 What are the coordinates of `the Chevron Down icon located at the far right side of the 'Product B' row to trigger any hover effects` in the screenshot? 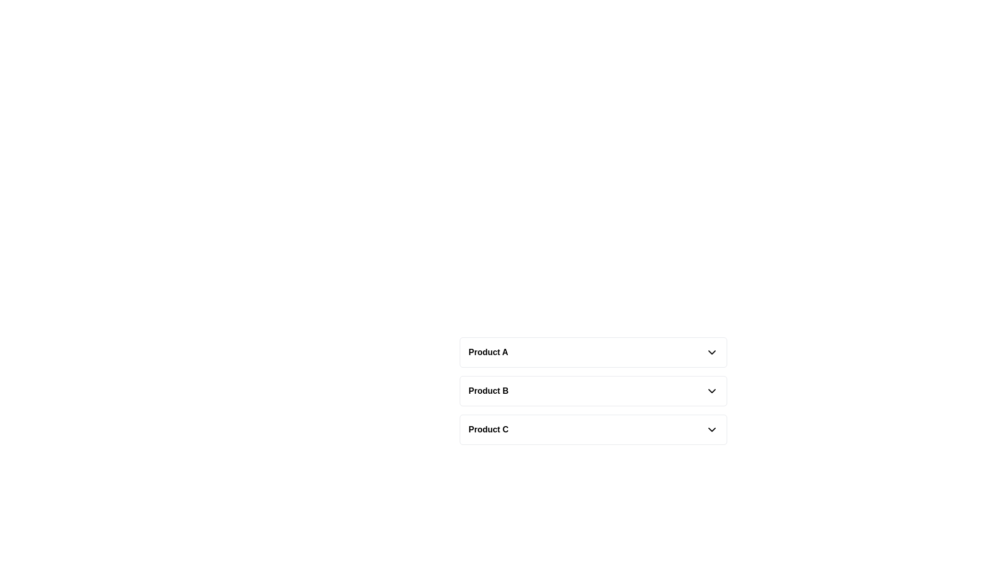 It's located at (712, 391).